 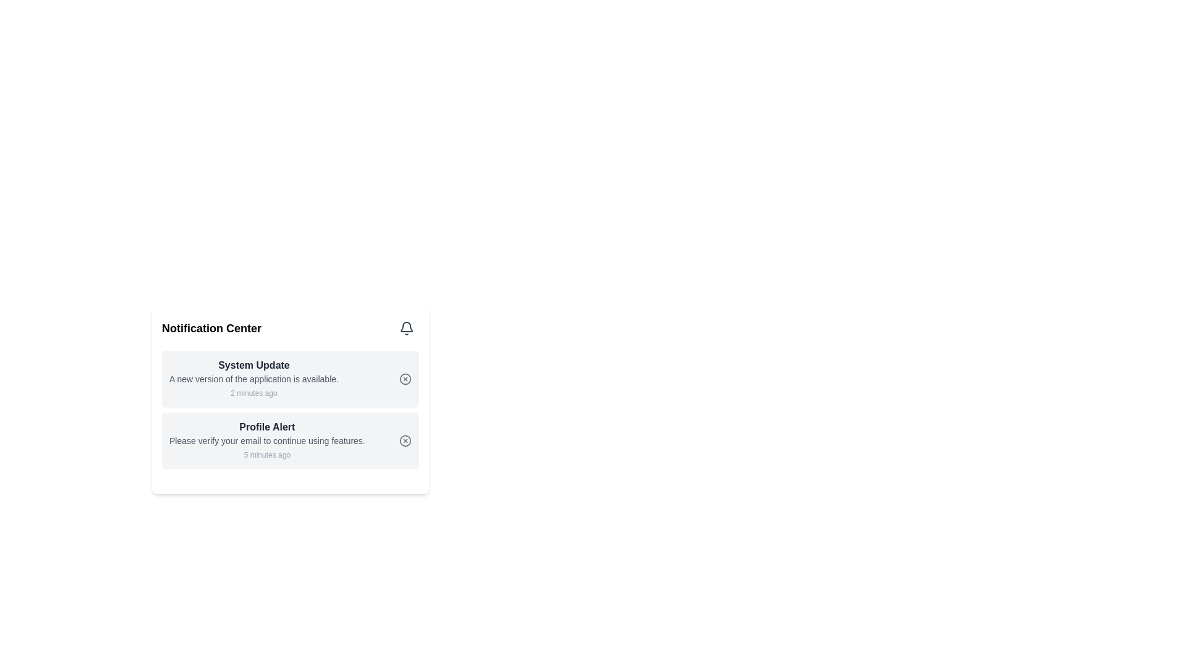 I want to click on the second notification in the Notification Center, which prompts the user to verify their email for feature access, so click(x=266, y=440).